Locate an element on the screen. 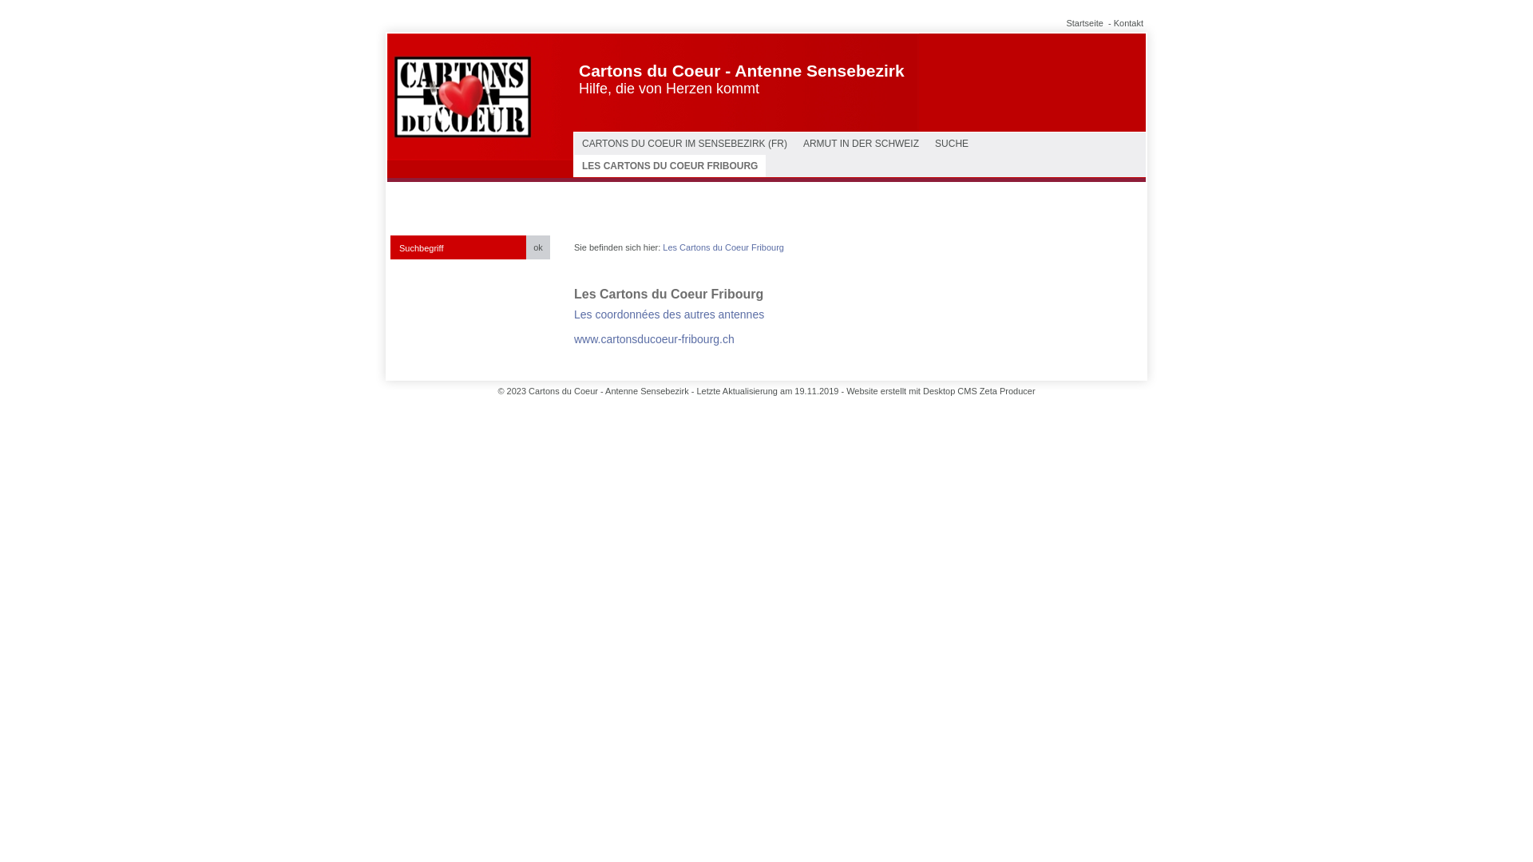 The width and height of the screenshot is (1533, 862). 'Startseite' is located at coordinates (1065, 23).